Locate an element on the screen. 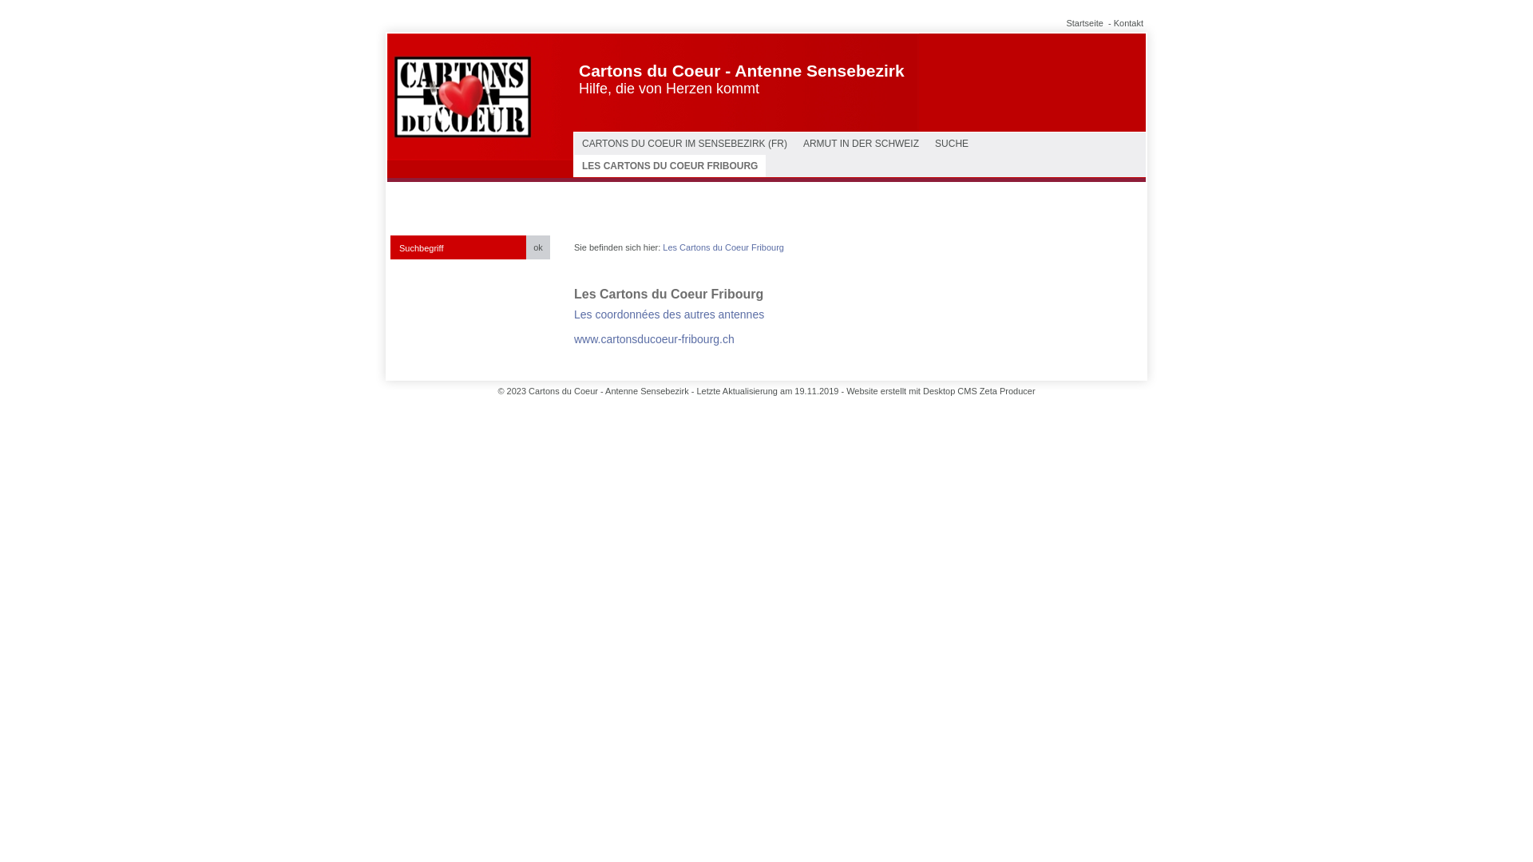 The width and height of the screenshot is (1533, 862). 'Startseite' is located at coordinates (1065, 23).